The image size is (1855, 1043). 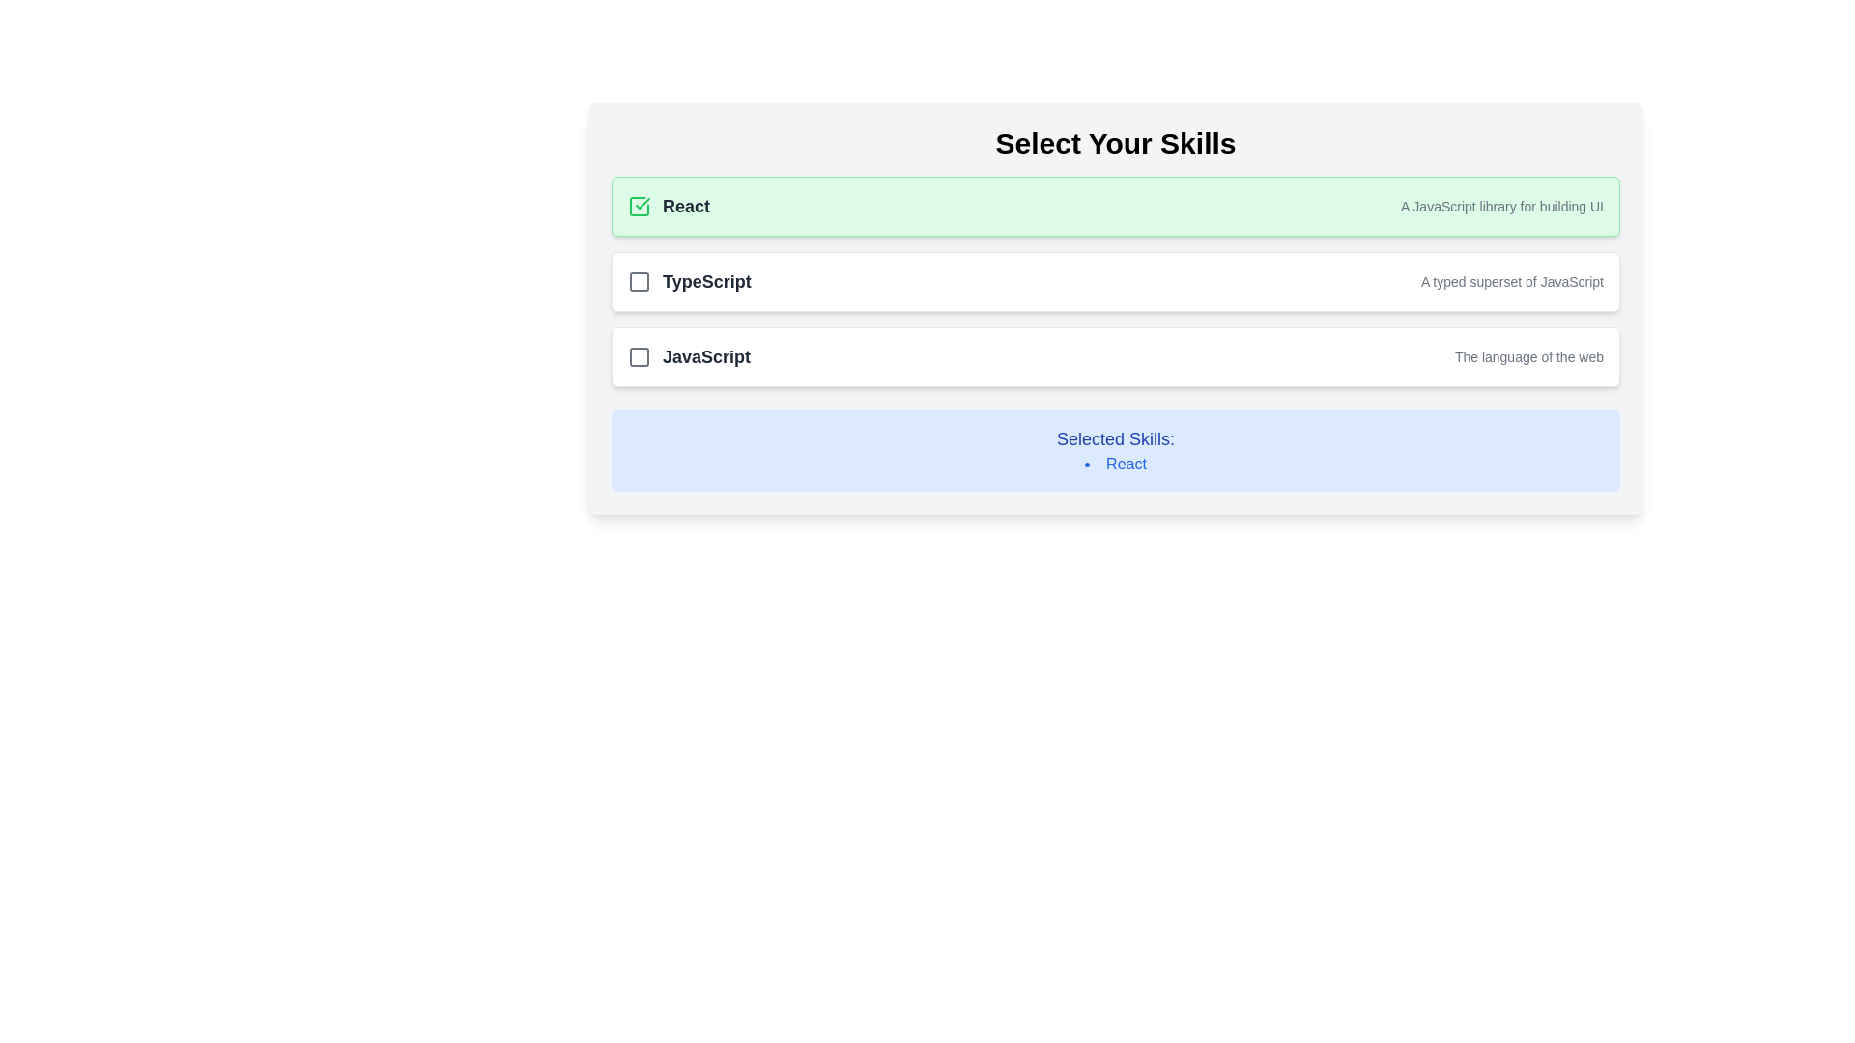 What do you see at coordinates (640, 282) in the screenshot?
I see `the gray square checkbox located to the left of the 'TypeScript' label` at bounding box center [640, 282].